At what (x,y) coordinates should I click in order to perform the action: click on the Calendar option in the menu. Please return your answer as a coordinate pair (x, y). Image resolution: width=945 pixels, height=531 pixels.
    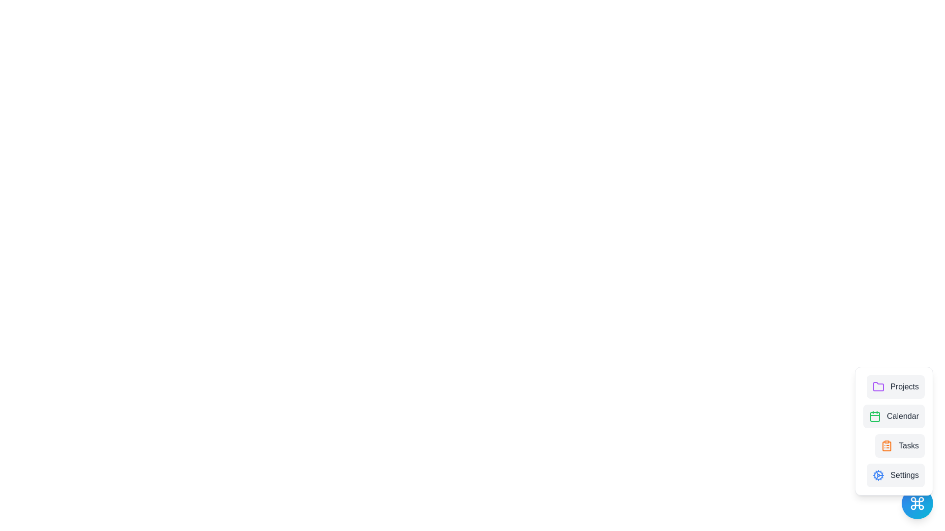
    Looking at the image, I should click on (893, 416).